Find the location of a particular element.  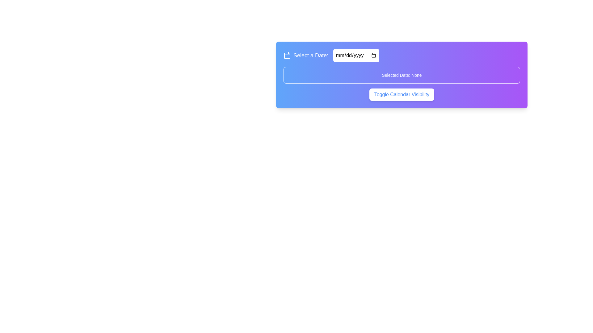

the calendar icon located in the top-left corner of the blue panel is located at coordinates (287, 55).